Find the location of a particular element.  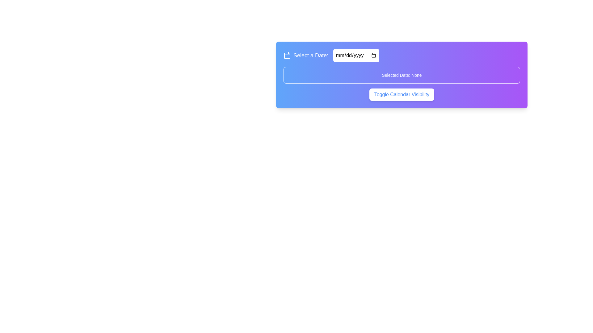

the calendar icon located in the top-left corner of the blue panel is located at coordinates (287, 55).